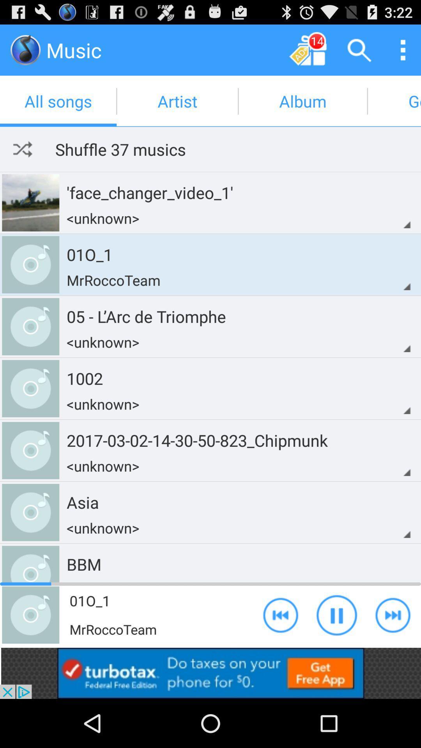 Image resolution: width=421 pixels, height=748 pixels. What do you see at coordinates (25, 49) in the screenshot?
I see `music` at bounding box center [25, 49].